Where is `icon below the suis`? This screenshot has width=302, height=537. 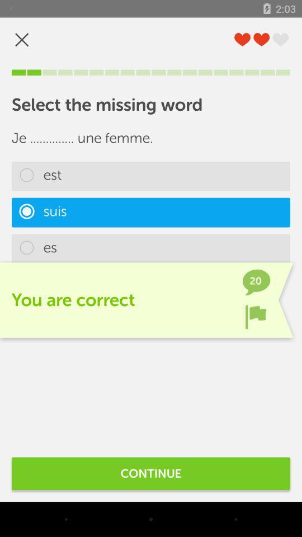 icon below the suis is located at coordinates (151, 248).